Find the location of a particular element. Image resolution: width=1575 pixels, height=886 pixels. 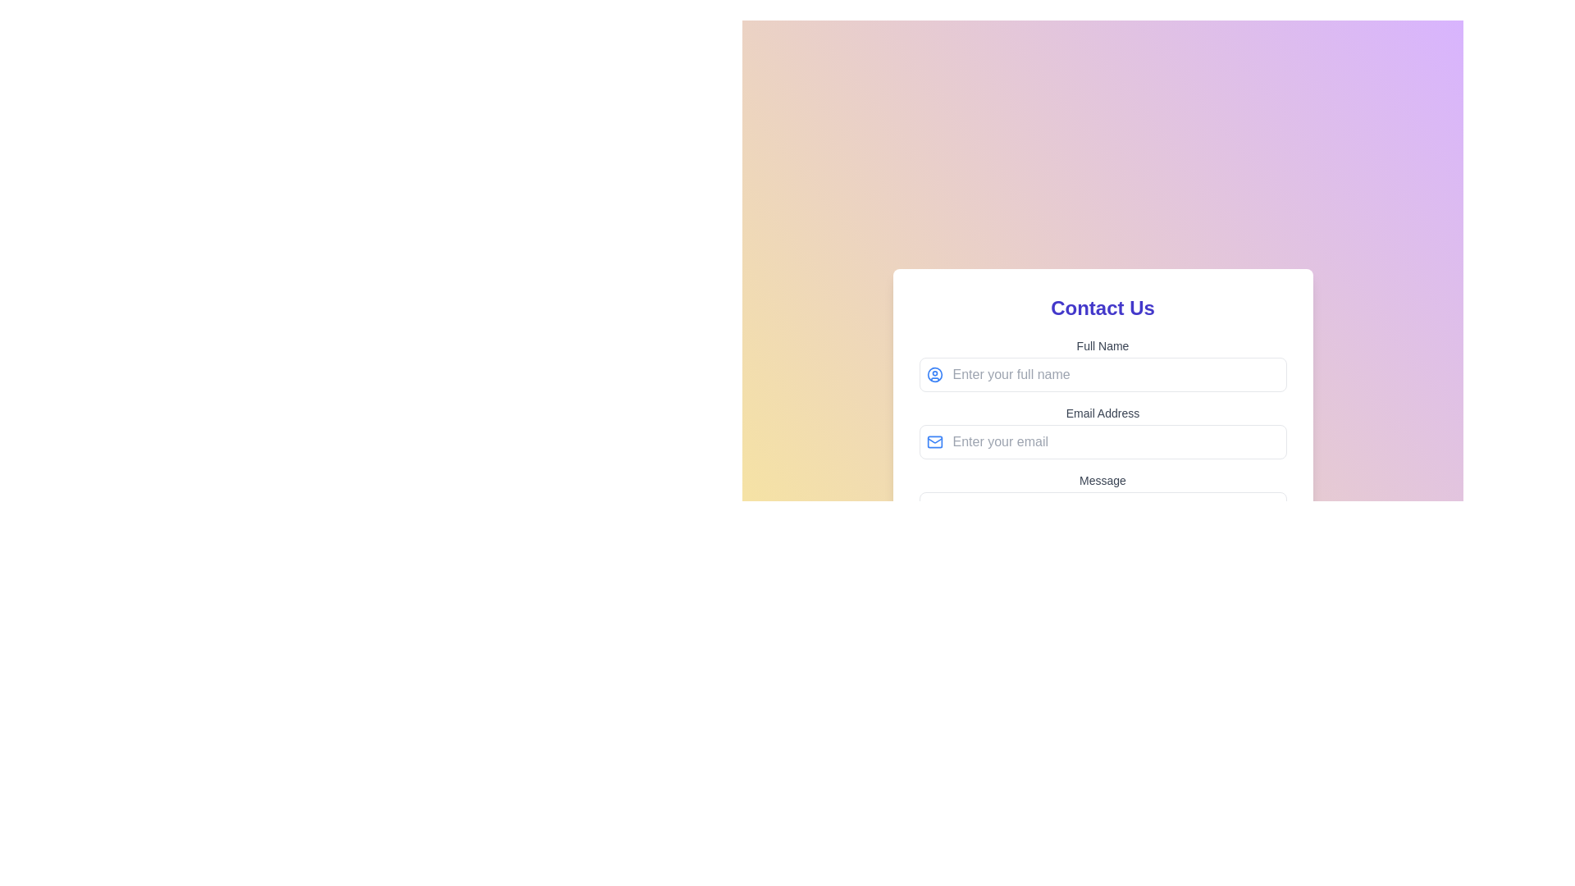

the contact form input fields to focus on them is located at coordinates (1102, 463).